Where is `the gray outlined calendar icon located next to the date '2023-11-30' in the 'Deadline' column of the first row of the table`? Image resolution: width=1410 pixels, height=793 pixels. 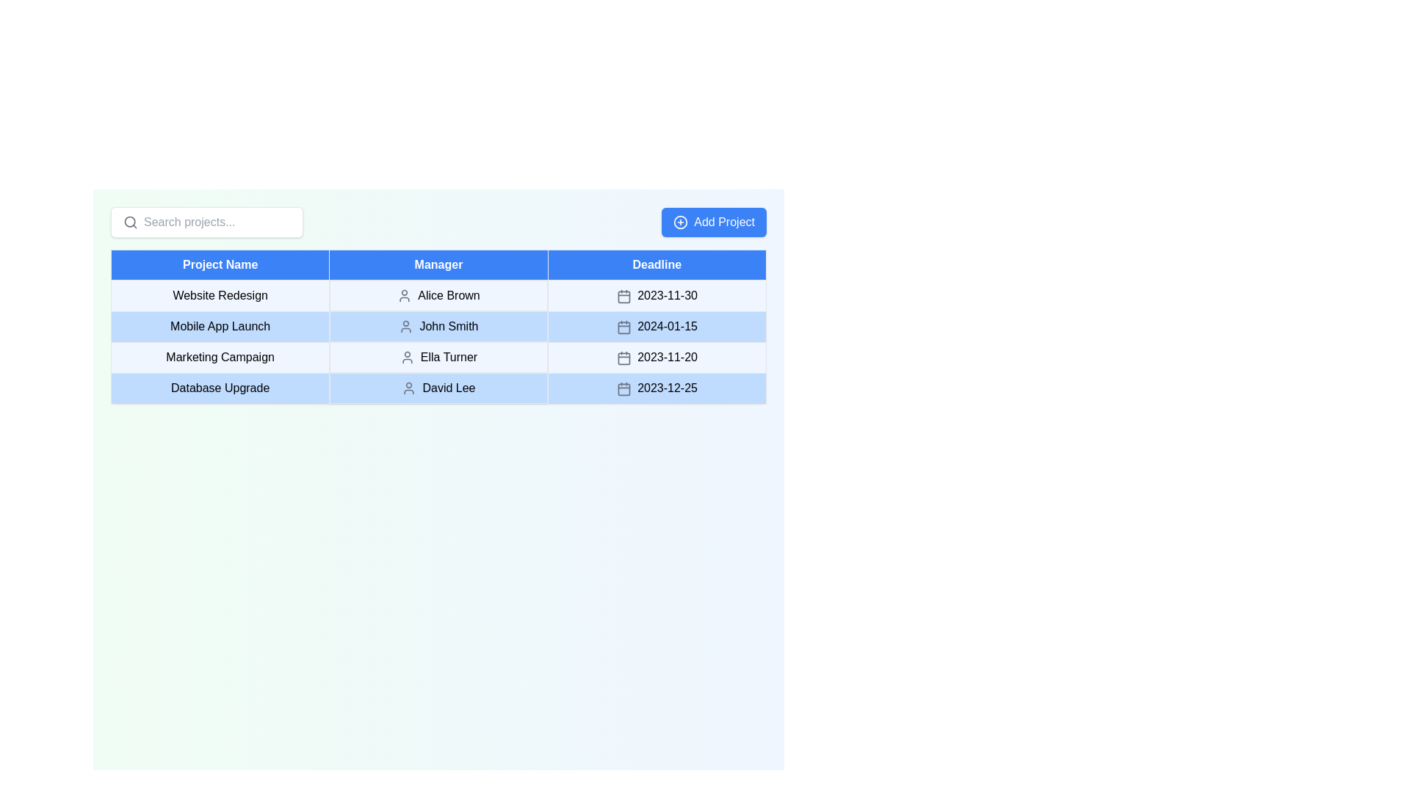 the gray outlined calendar icon located next to the date '2023-11-30' in the 'Deadline' column of the first row of the table is located at coordinates (623, 296).